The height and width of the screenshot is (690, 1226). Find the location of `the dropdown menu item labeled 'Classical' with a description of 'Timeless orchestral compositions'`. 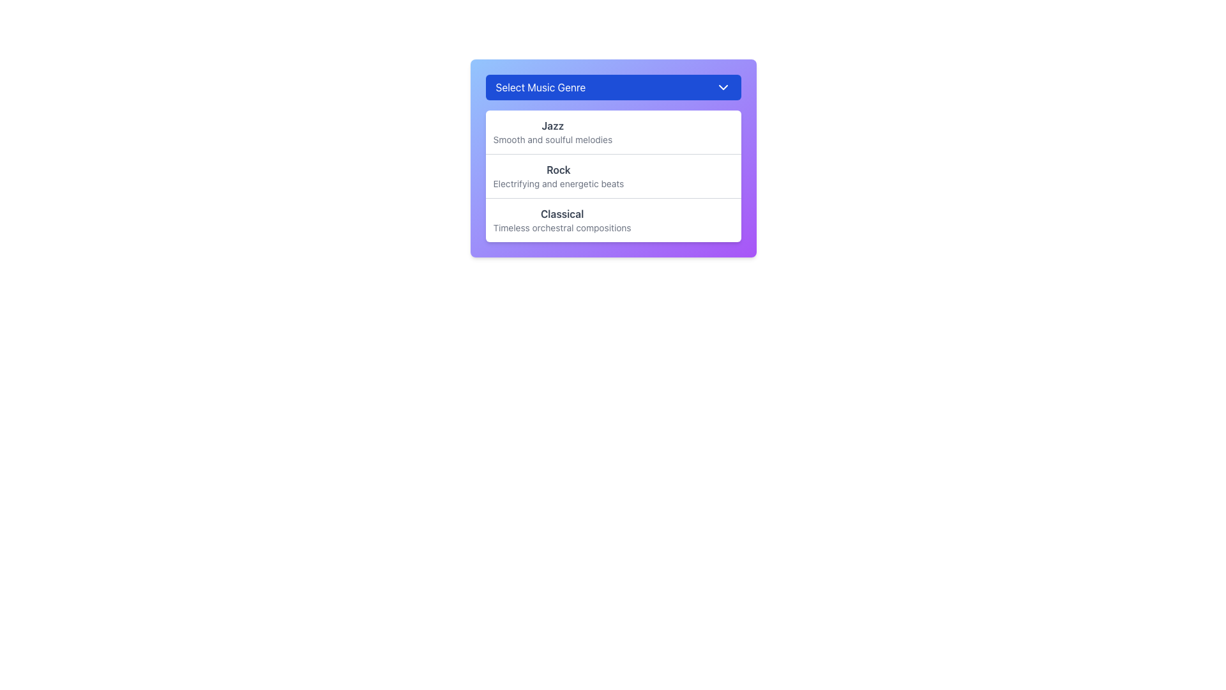

the dropdown menu item labeled 'Classical' with a description of 'Timeless orchestral compositions' is located at coordinates (613, 219).